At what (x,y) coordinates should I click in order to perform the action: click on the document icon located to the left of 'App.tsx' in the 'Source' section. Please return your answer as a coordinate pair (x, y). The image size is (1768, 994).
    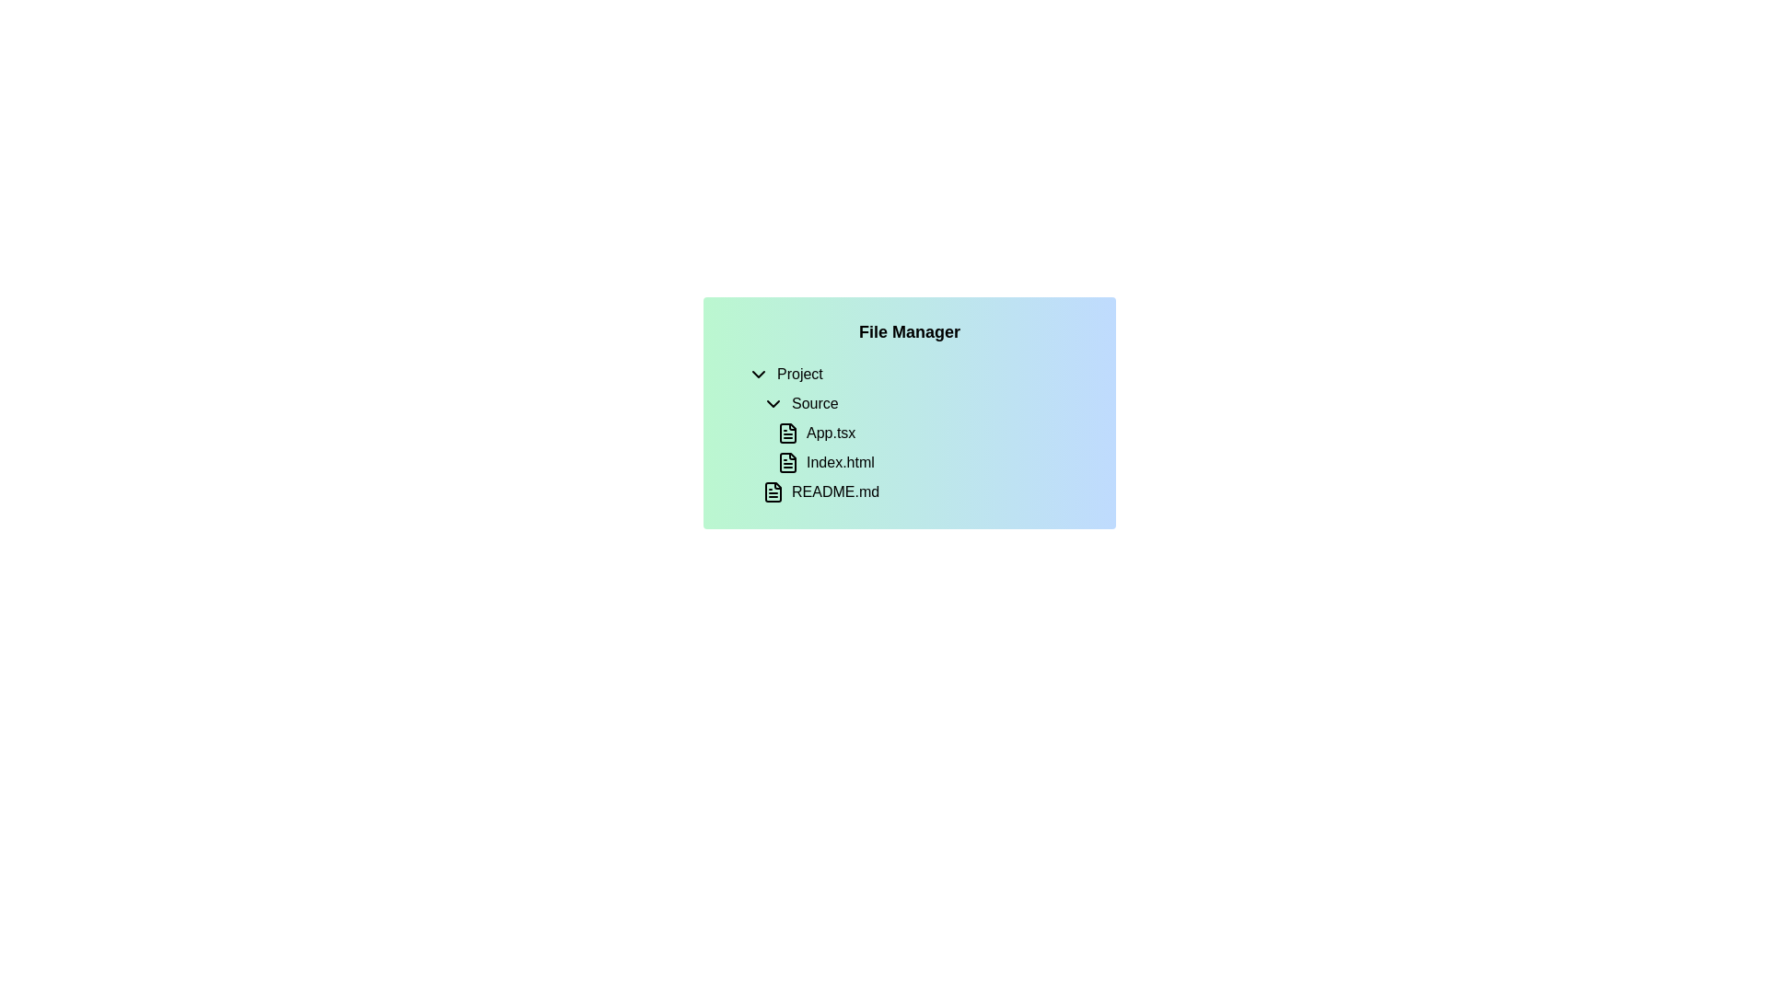
    Looking at the image, I should click on (787, 433).